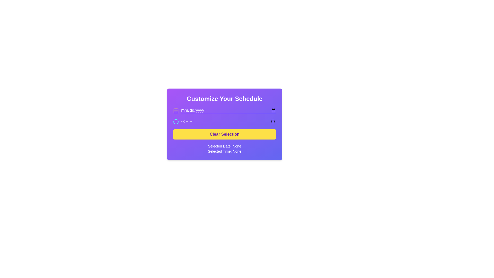  I want to click on the circular outline element located in the center of the clock icon next to the time selection input field, so click(176, 121).